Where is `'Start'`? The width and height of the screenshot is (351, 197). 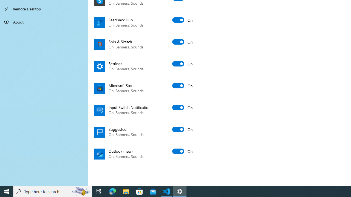
'Start' is located at coordinates (7, 191).